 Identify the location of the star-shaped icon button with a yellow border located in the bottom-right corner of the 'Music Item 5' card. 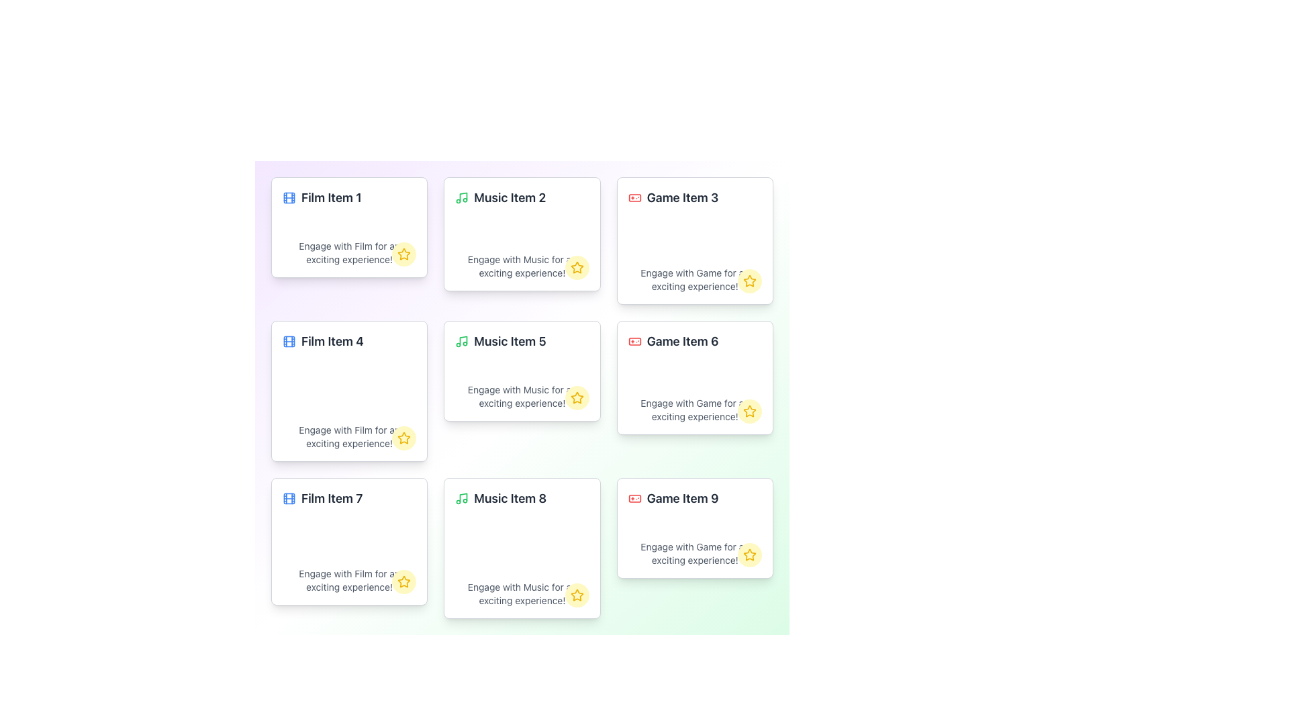
(577, 397).